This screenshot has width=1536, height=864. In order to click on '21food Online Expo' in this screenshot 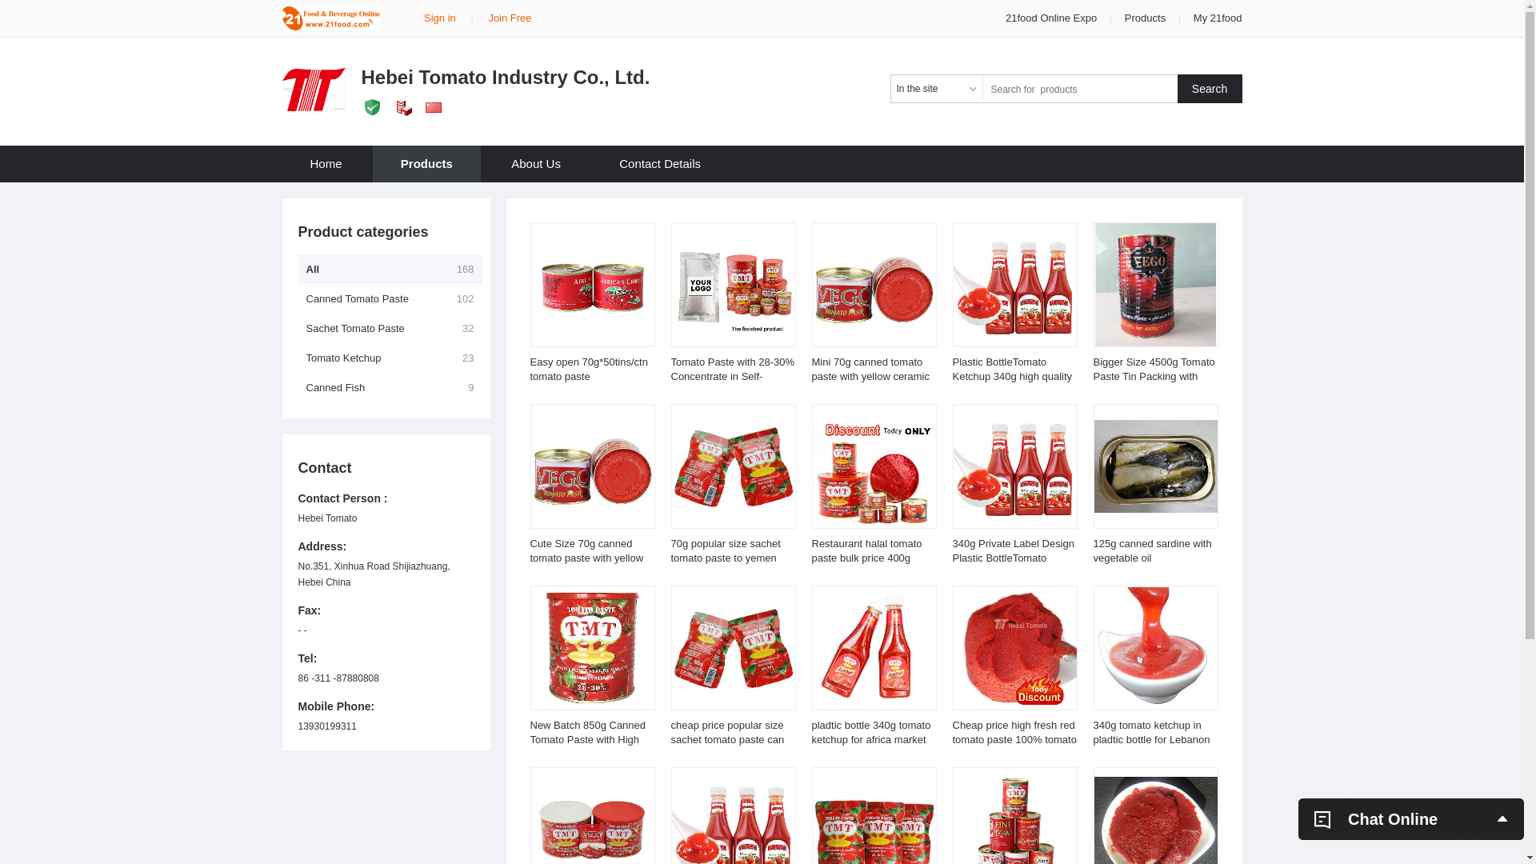, I will do `click(1005, 18)`.